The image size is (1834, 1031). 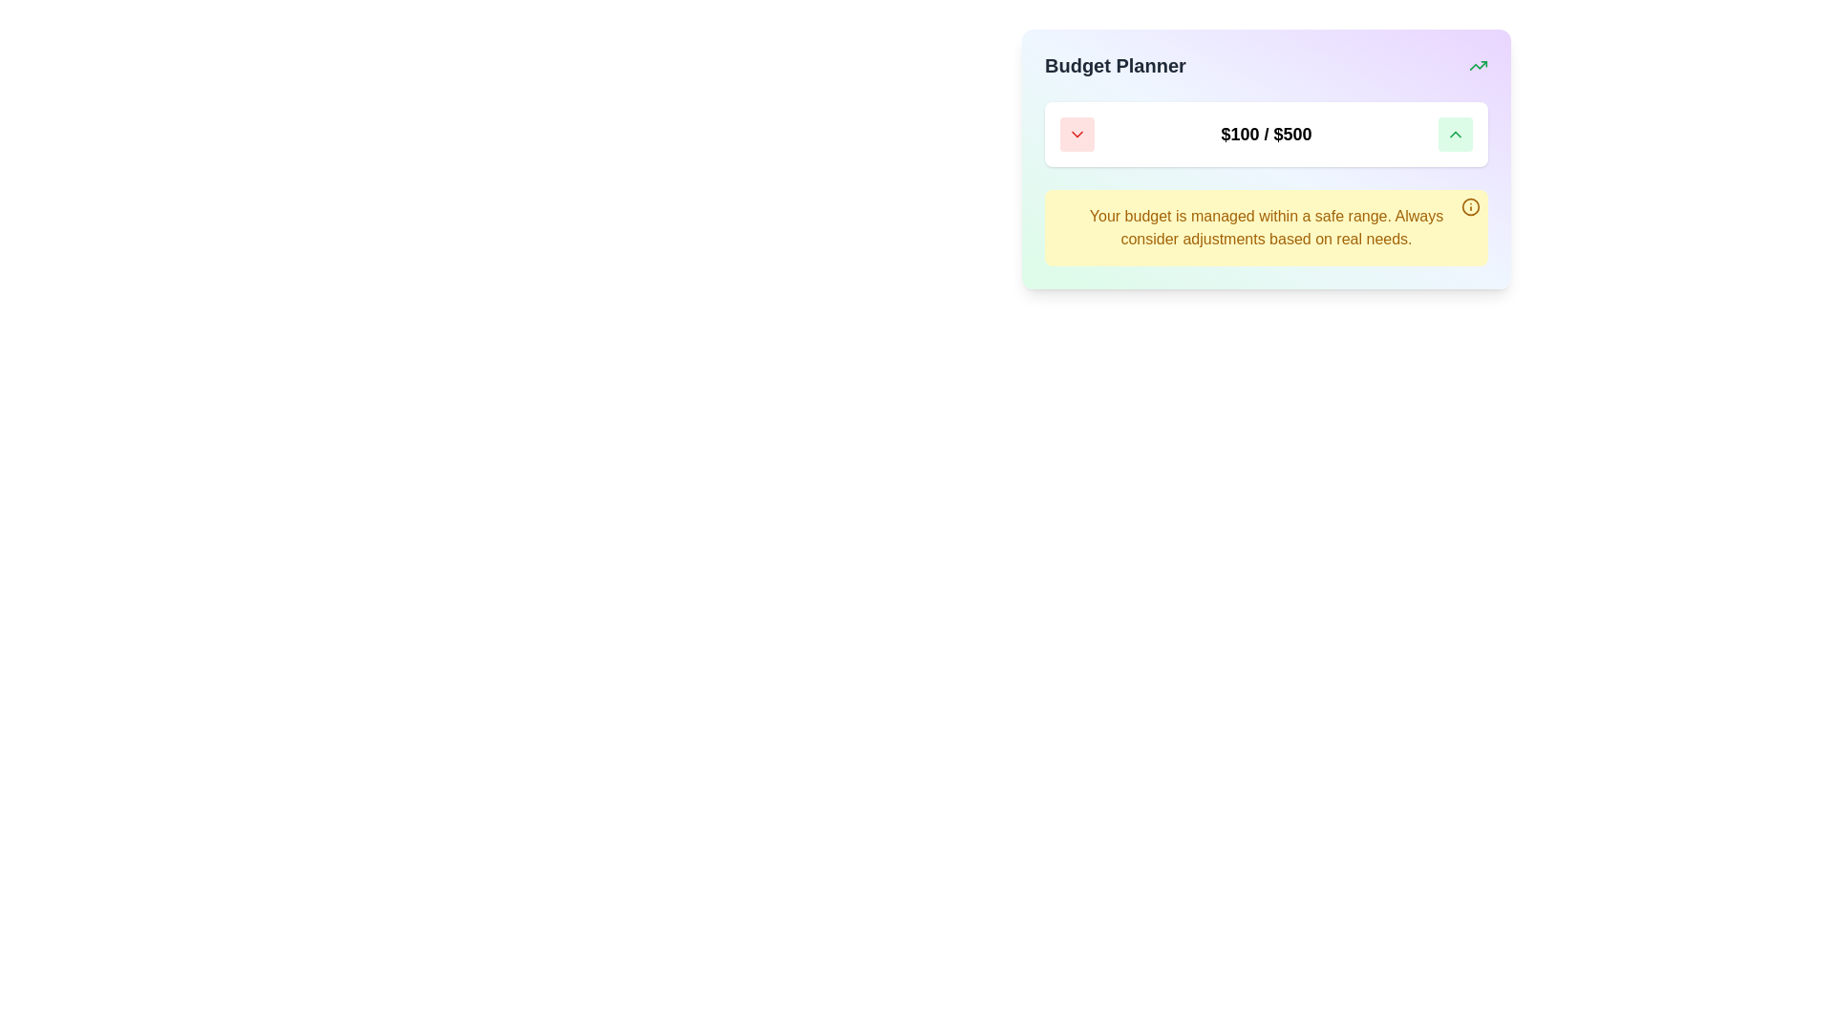 I want to click on the downward-facing chevron icon, which is styled with a bold red line and is part of a light red button located to the left of the budget range display ('$100 / $500') in the 'Budget Planner' panel, so click(x=1077, y=134).